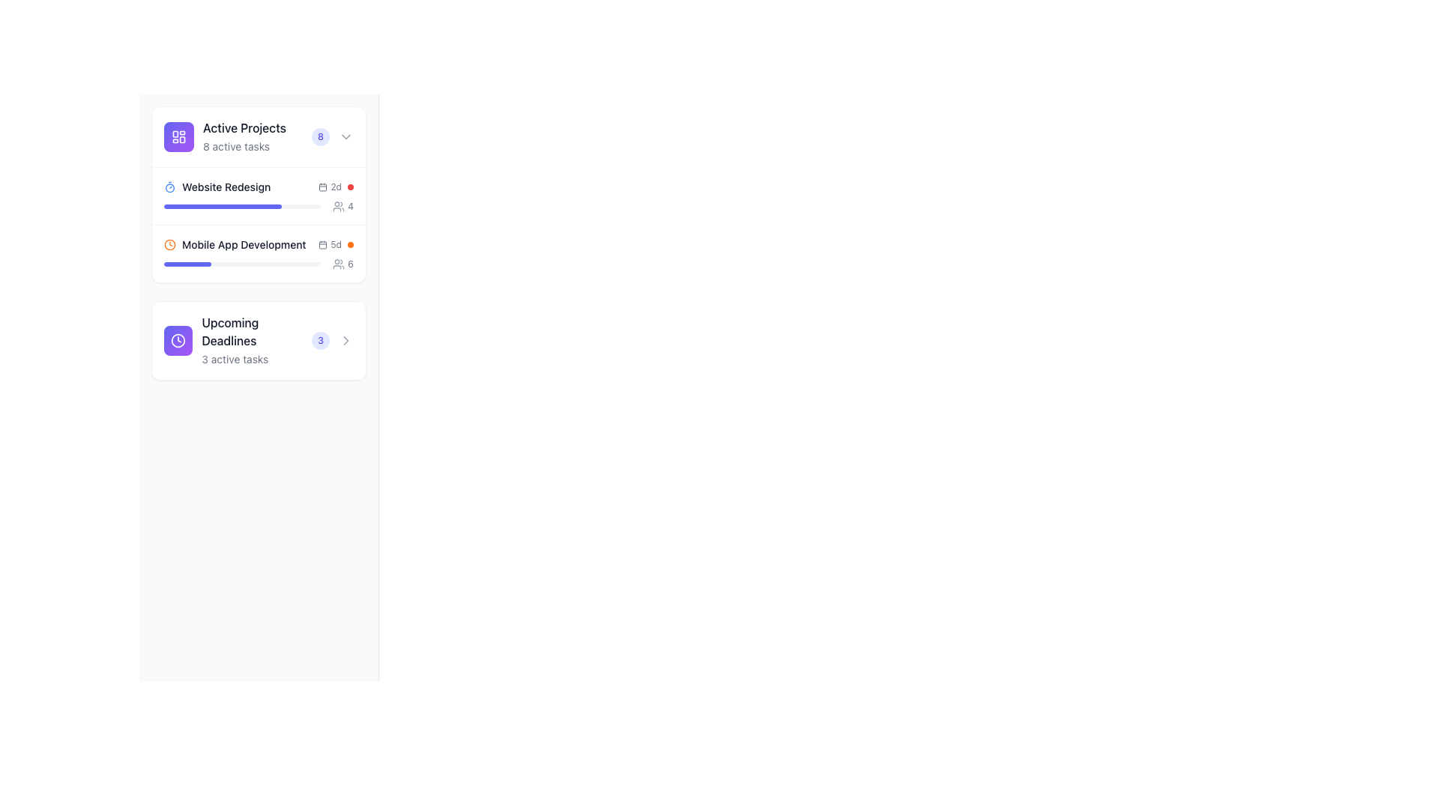 Image resolution: width=1439 pixels, height=809 pixels. Describe the element at coordinates (345, 136) in the screenshot. I see `the downward-pointing chevron icon next to the badge with the number '8' in the 'Active Projects' section` at that location.